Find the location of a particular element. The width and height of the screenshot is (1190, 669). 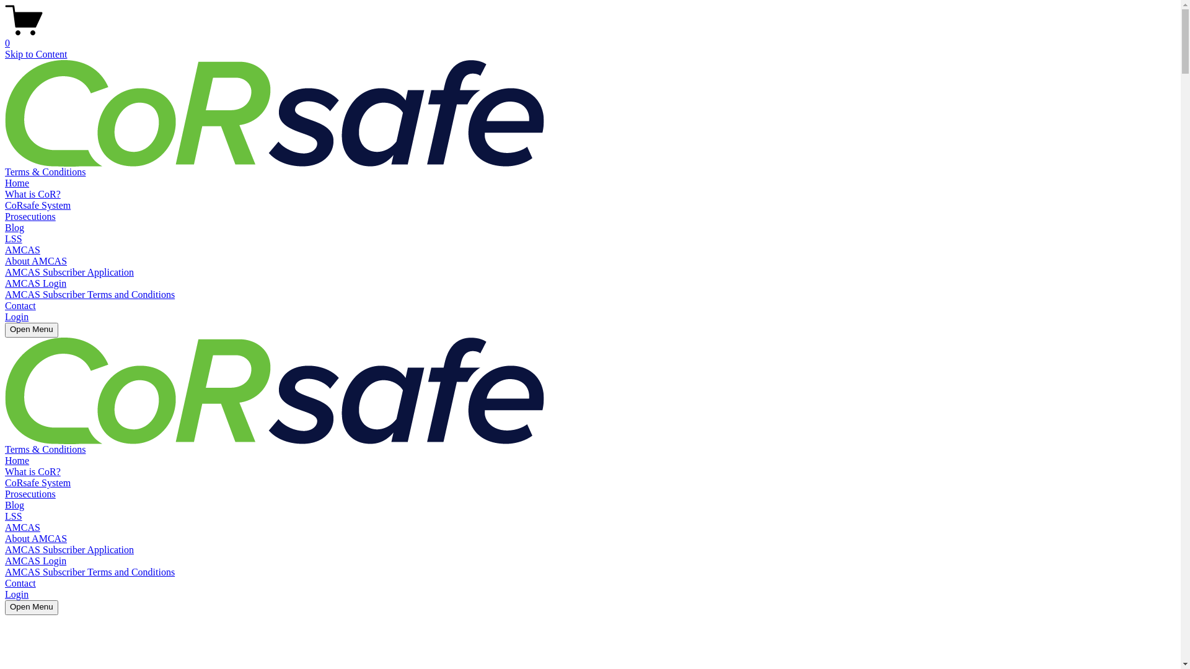

'Home' is located at coordinates (17, 183).